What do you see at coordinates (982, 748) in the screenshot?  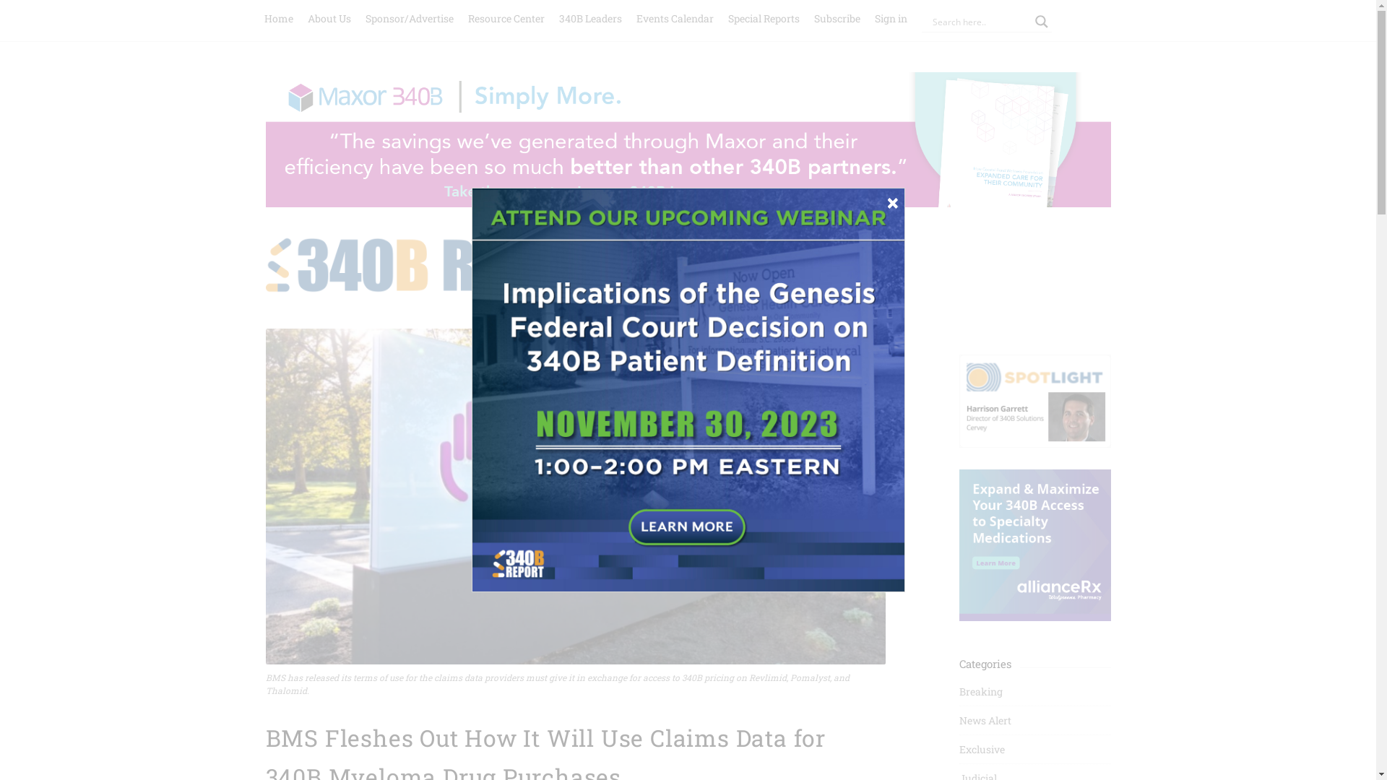 I see `'Exclusive'` at bounding box center [982, 748].